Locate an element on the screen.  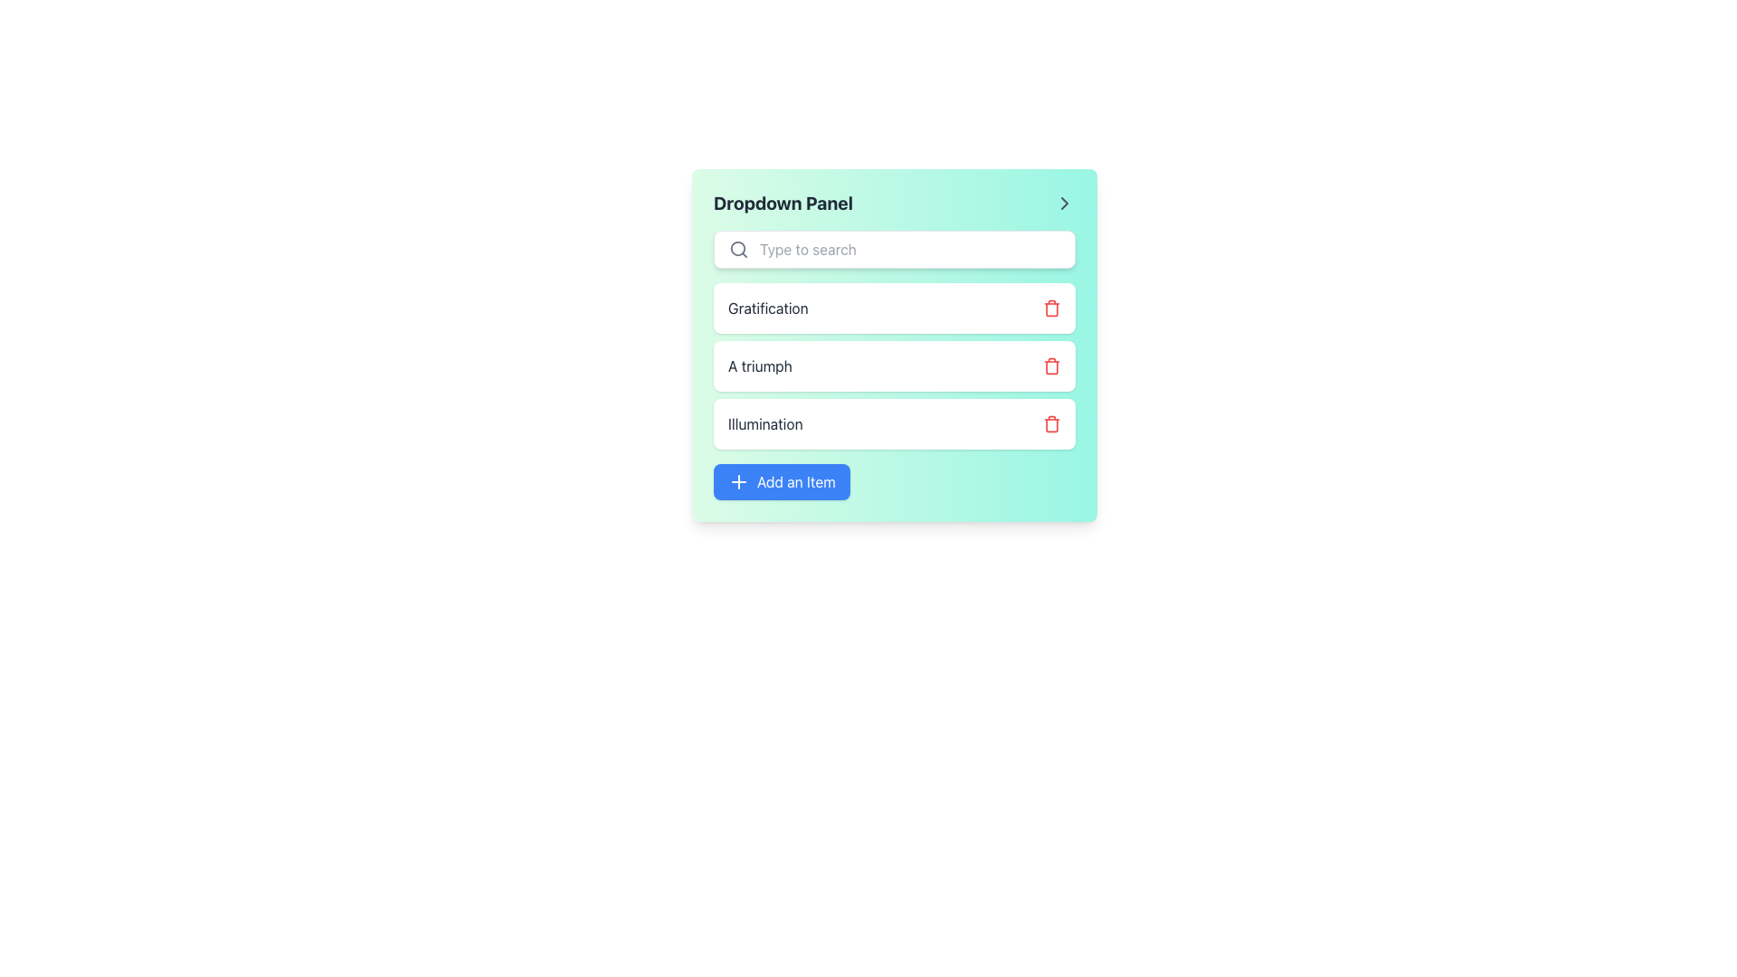
the list item labeled 'A triumph' which is the second item in the dropdown panel to possibly see more actions is located at coordinates (894, 365).